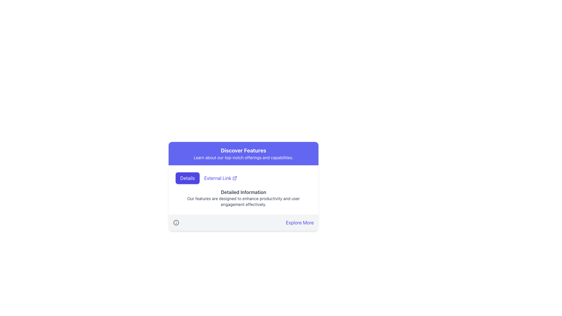  What do you see at coordinates (243, 157) in the screenshot?
I see `the static text element that reads 'Learn about our top-notch offerings and capabilities.' located within the purple banner below the title 'Discover Features.'` at bounding box center [243, 157].